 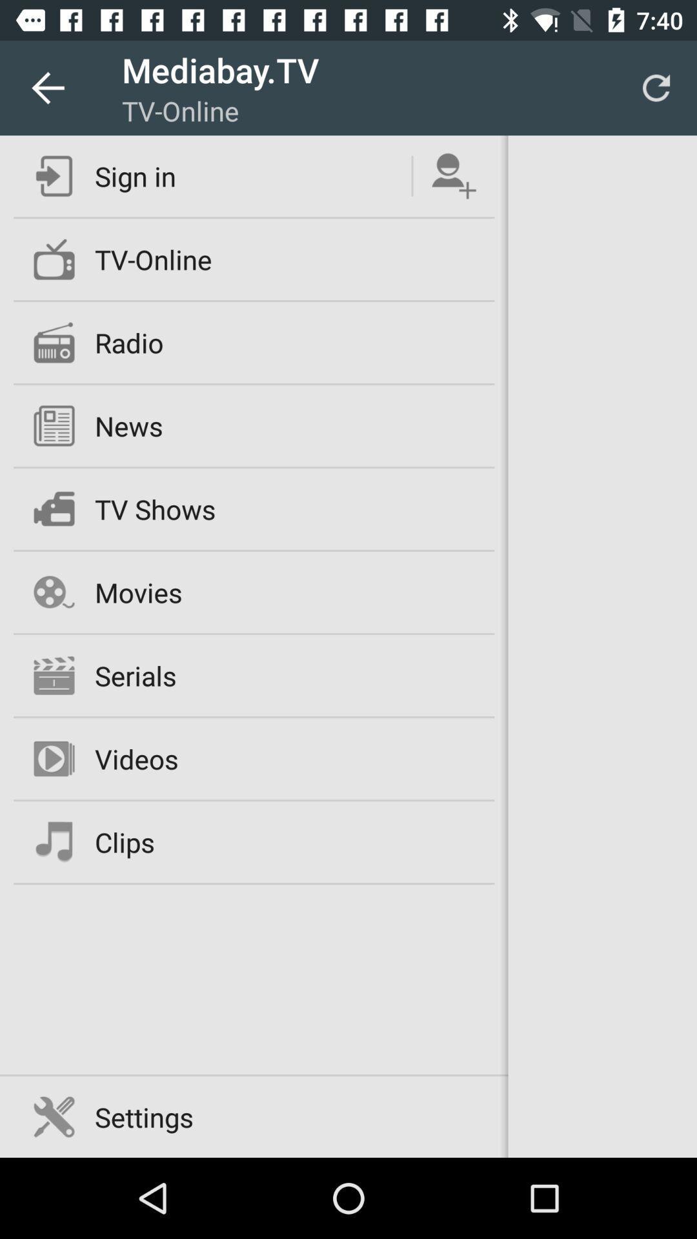 I want to click on the radio, so click(x=129, y=343).